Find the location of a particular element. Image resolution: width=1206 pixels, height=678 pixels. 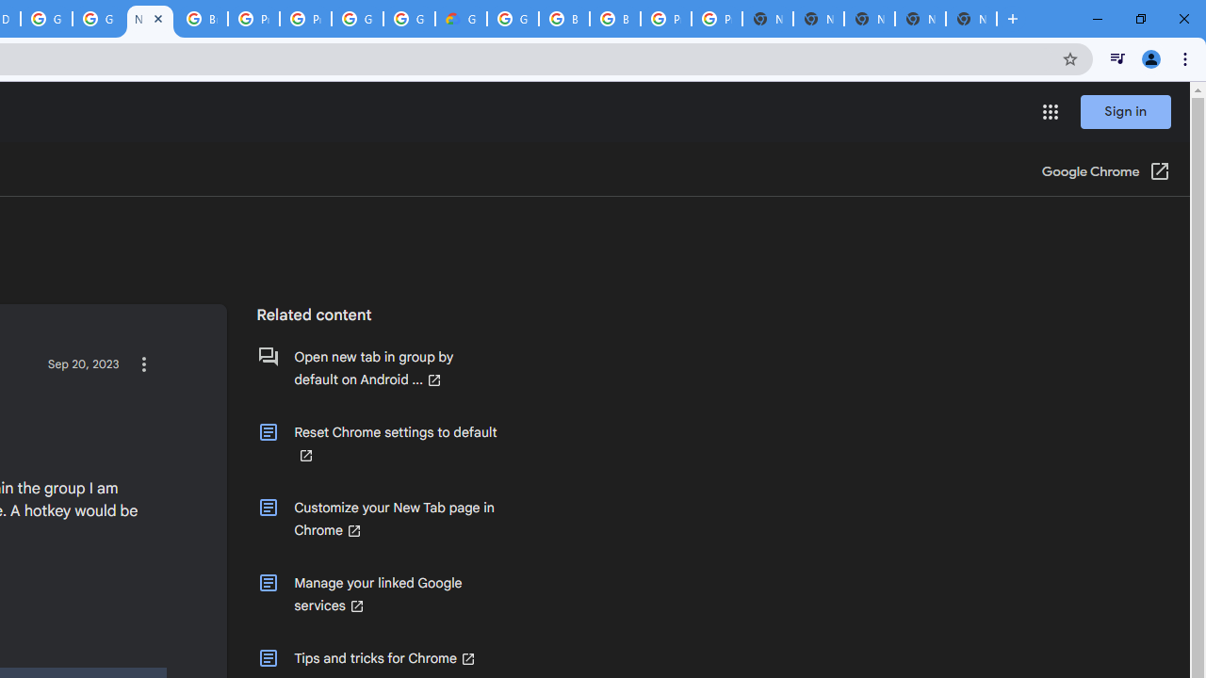

'Reset Chrome settings to default (Opens in a new window)' is located at coordinates (377, 444).